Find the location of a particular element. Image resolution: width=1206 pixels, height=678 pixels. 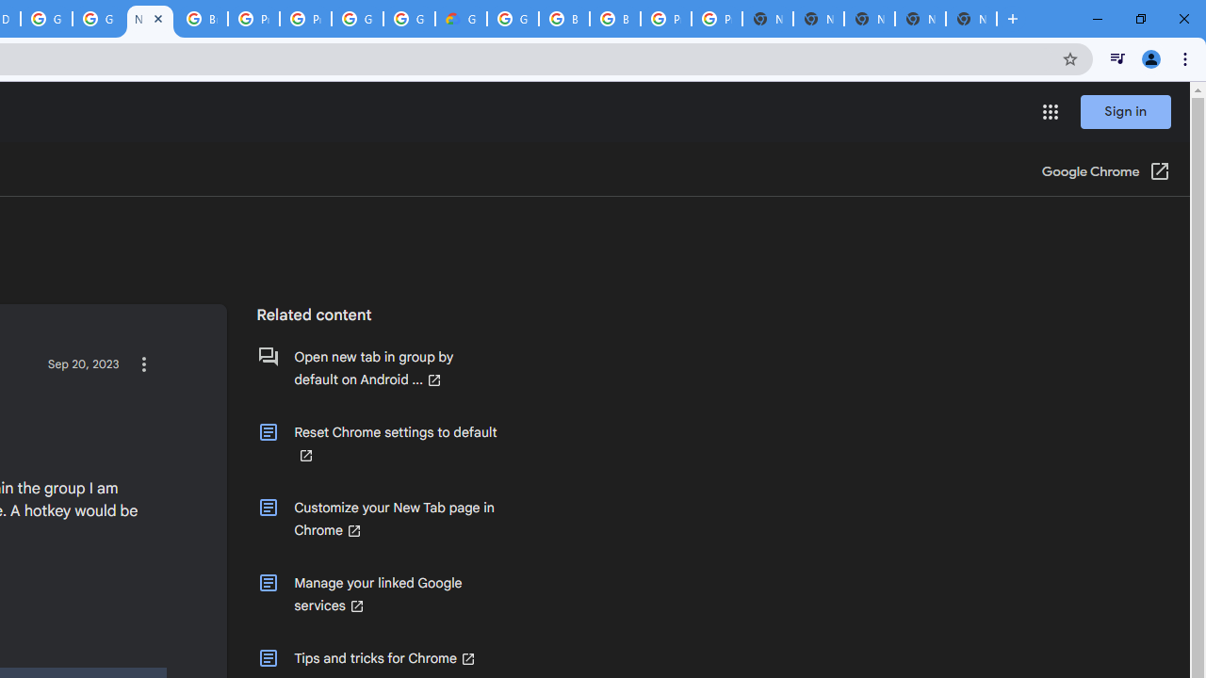

'Reset Chrome settings to default (Opens in a new window)' is located at coordinates (377, 444).